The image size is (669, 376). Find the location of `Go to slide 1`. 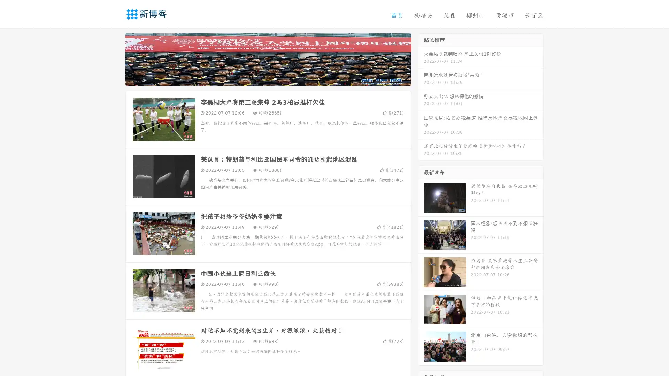

Go to slide 1 is located at coordinates (261, 78).